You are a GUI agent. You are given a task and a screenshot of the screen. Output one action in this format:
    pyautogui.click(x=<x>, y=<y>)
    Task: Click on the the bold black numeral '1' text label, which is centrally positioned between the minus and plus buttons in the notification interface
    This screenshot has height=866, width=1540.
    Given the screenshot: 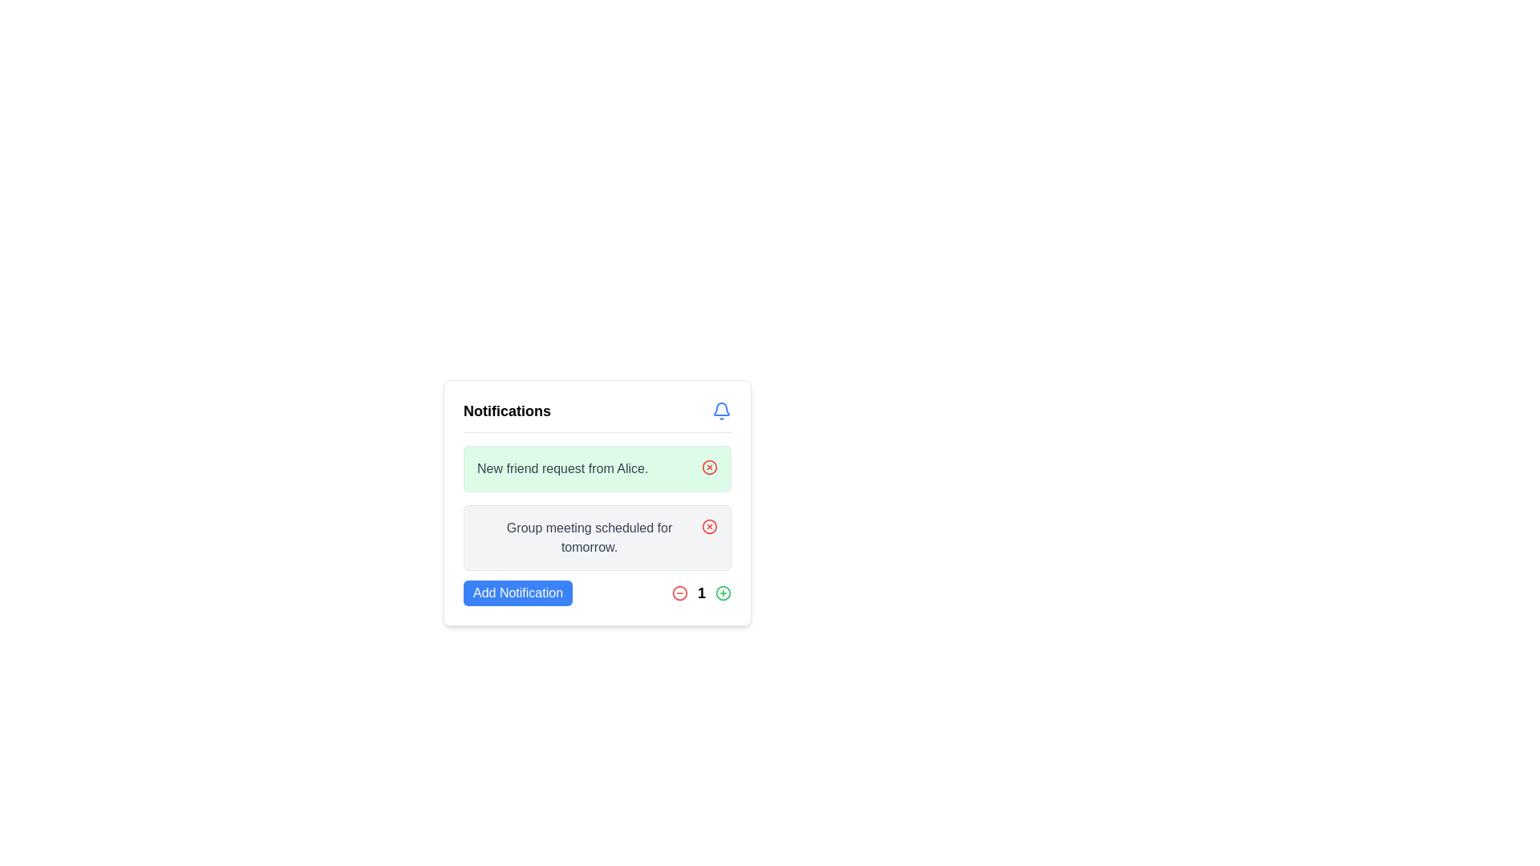 What is the action you would take?
    pyautogui.click(x=701, y=593)
    